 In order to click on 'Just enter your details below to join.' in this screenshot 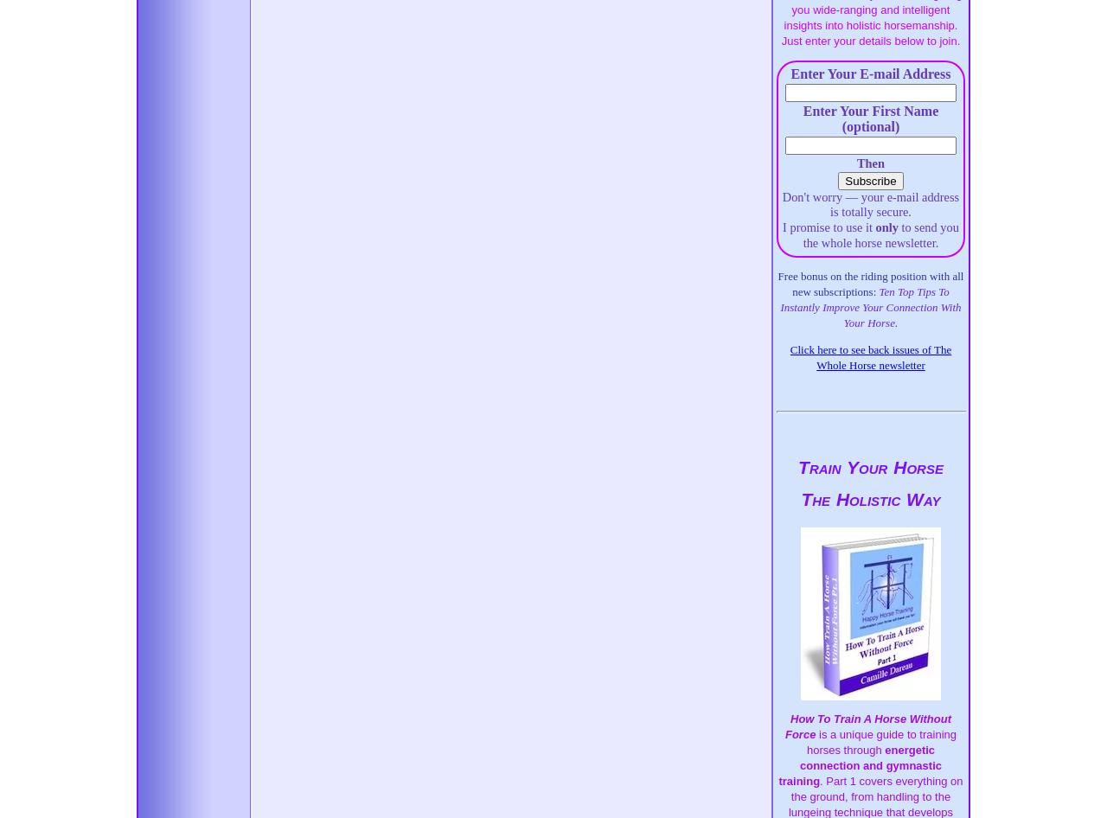, I will do `click(870, 41)`.